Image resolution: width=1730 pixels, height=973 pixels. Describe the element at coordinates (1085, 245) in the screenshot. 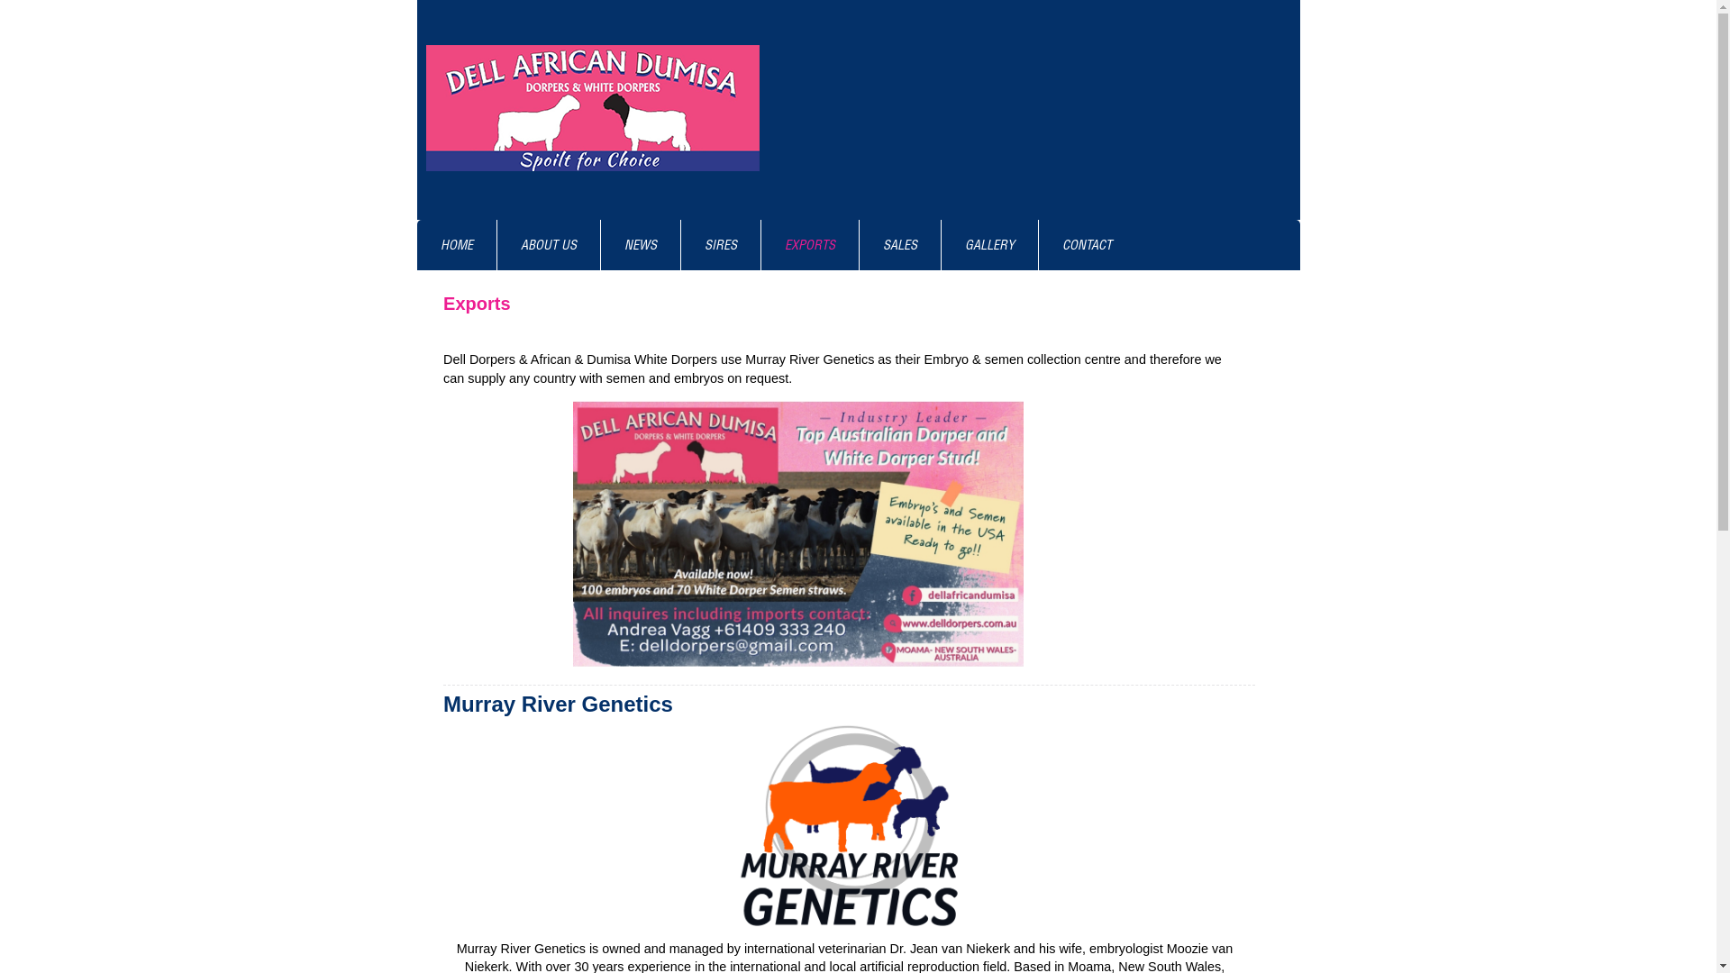

I see `'CONTACT'` at that location.